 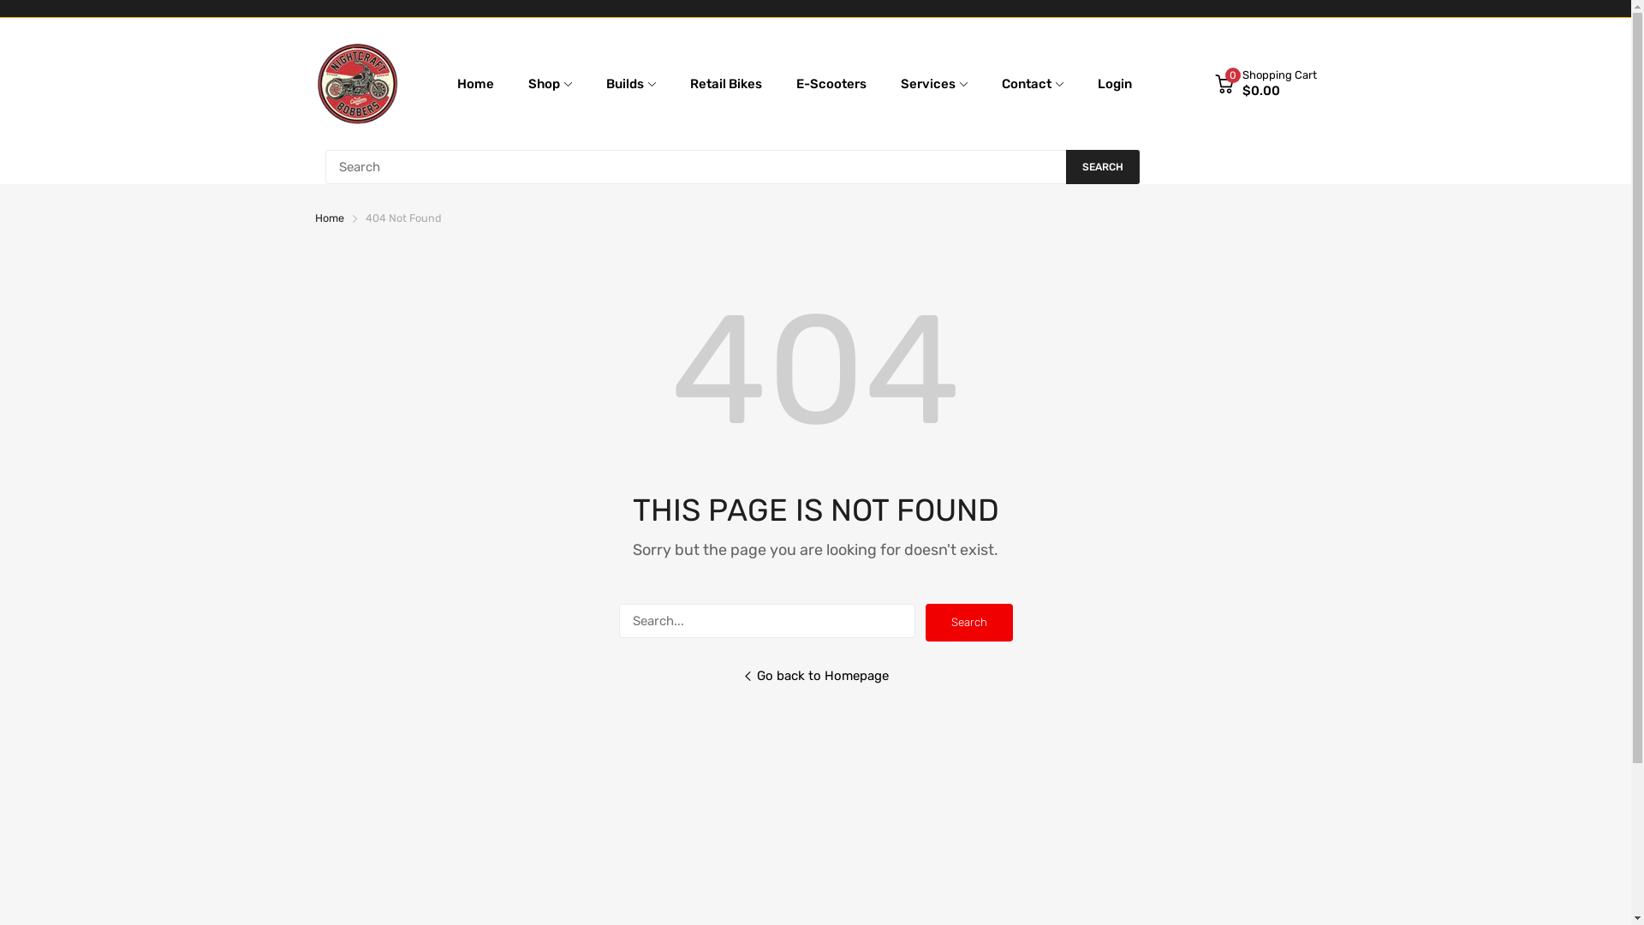 What do you see at coordinates (795, 83) in the screenshot?
I see `'E-Scooters'` at bounding box center [795, 83].